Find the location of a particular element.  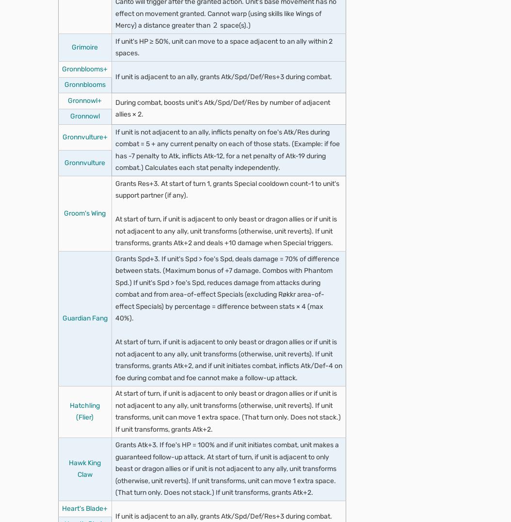

'Community' is located at coordinates (59, 171).